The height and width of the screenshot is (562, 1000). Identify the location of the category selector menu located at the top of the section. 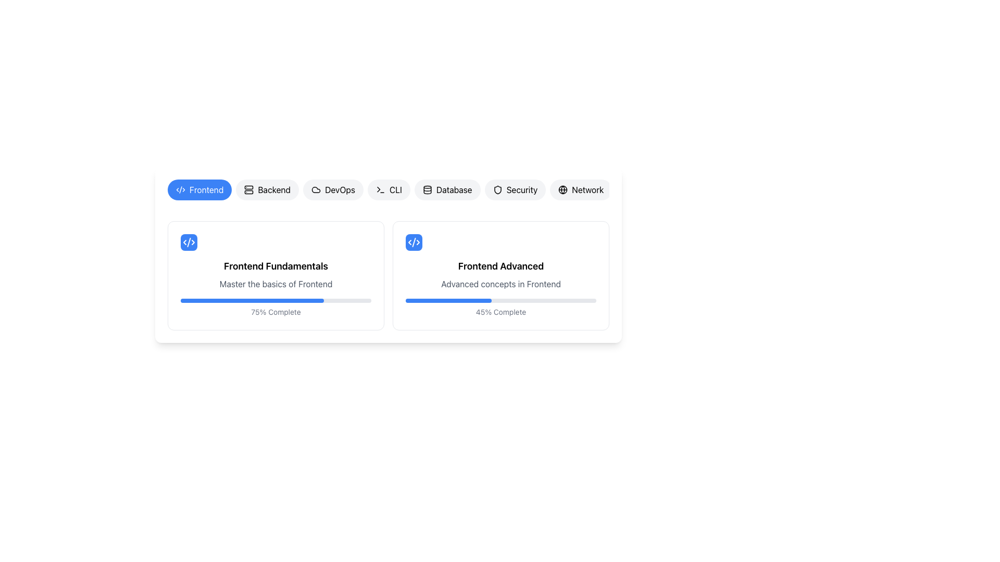
(387, 194).